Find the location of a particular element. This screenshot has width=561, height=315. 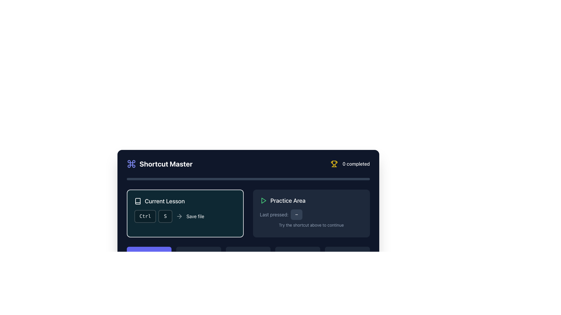

the book icon element, which is styled with a white stroke and is located to the left of the 'Current Lesson' text is located at coordinates (137, 201).